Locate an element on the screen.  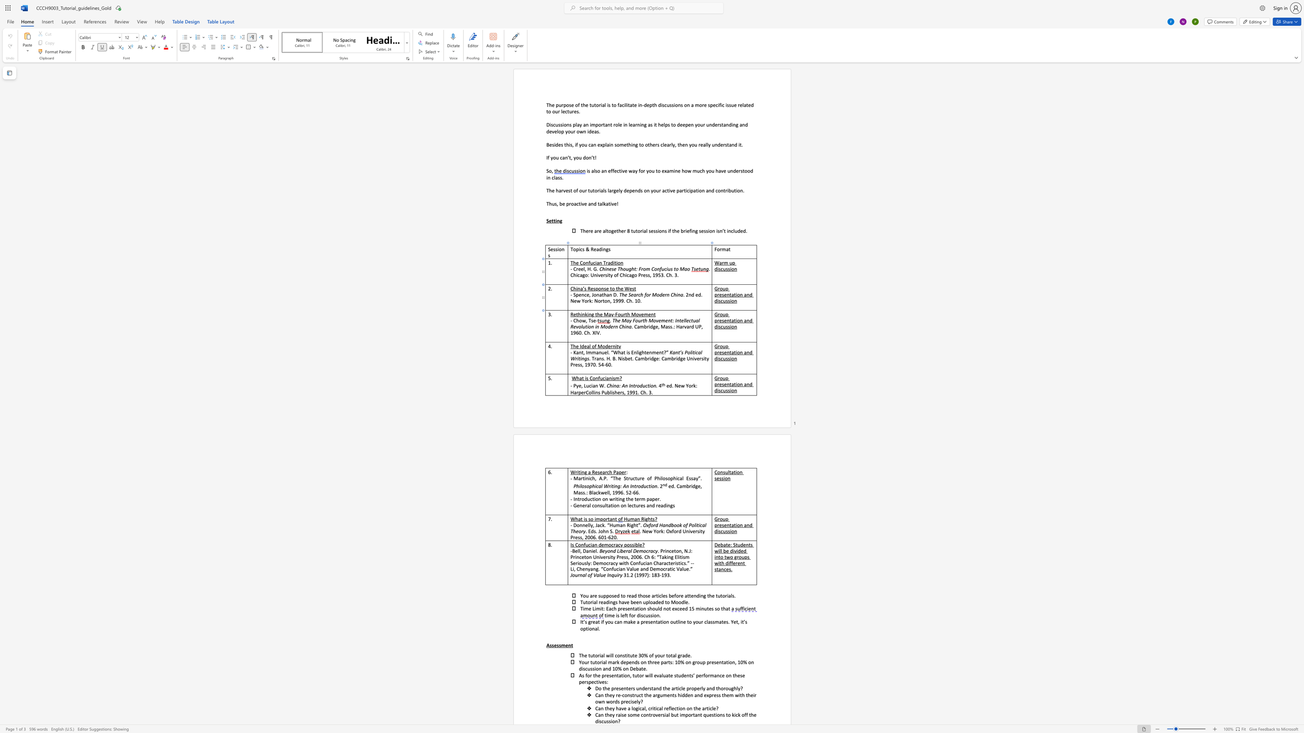
the 3th character "o" in the text is located at coordinates (605, 300).